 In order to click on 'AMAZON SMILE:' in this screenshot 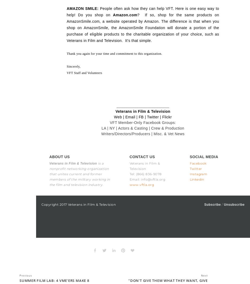, I will do `click(82, 8)`.